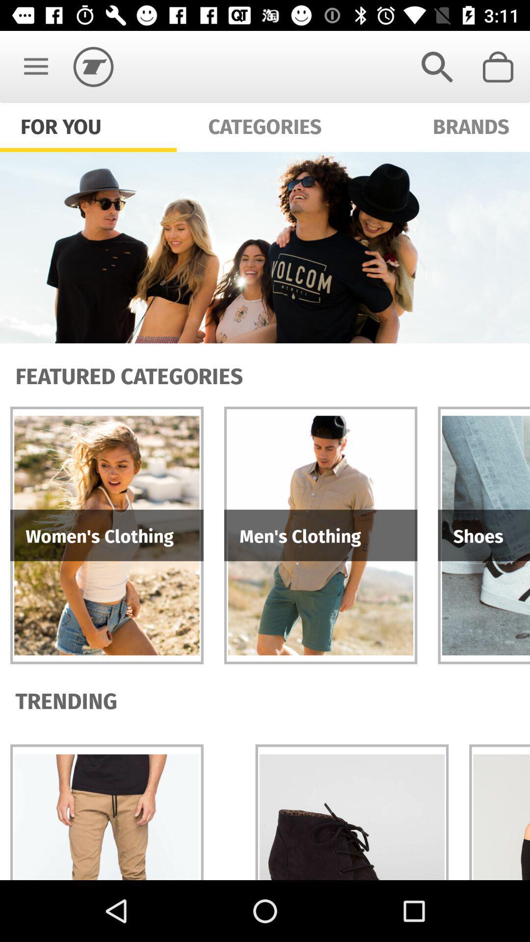 The height and width of the screenshot is (942, 530). I want to click on the icon to the right of the categories icon, so click(437, 66).